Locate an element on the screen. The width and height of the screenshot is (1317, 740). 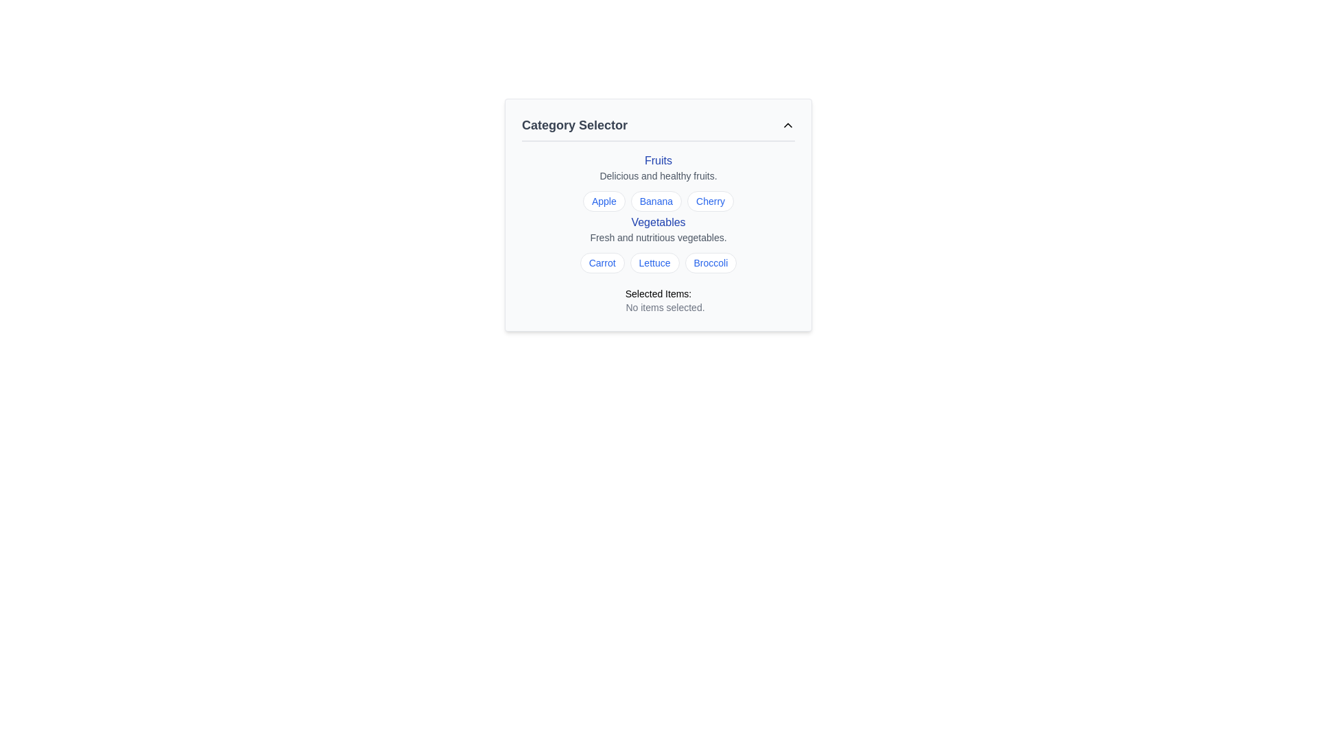
the Categorized selectable list element located within the 'Category Selector' card is located at coordinates (658, 214).